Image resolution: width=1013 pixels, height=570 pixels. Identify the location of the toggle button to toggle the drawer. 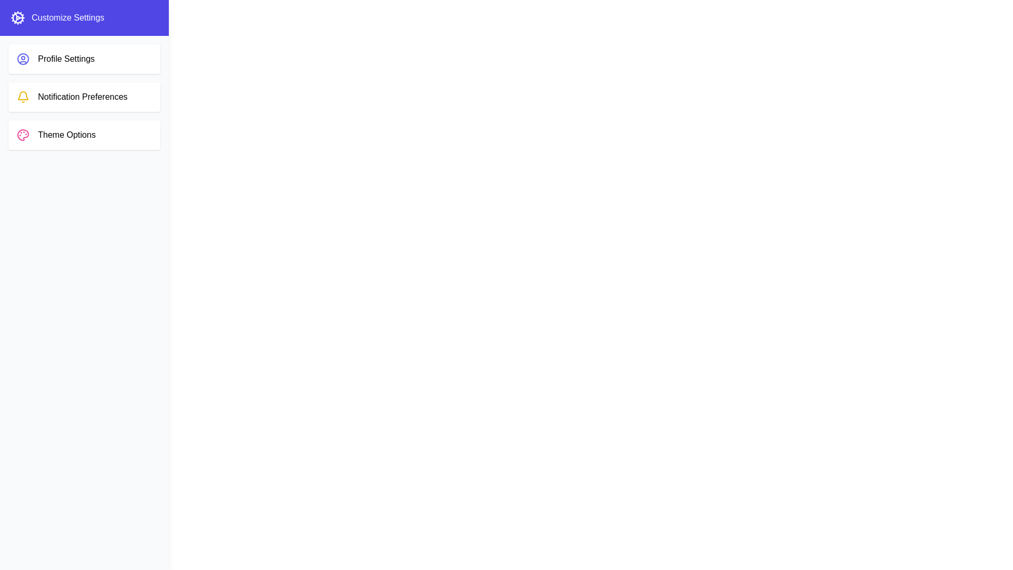
(32, 28).